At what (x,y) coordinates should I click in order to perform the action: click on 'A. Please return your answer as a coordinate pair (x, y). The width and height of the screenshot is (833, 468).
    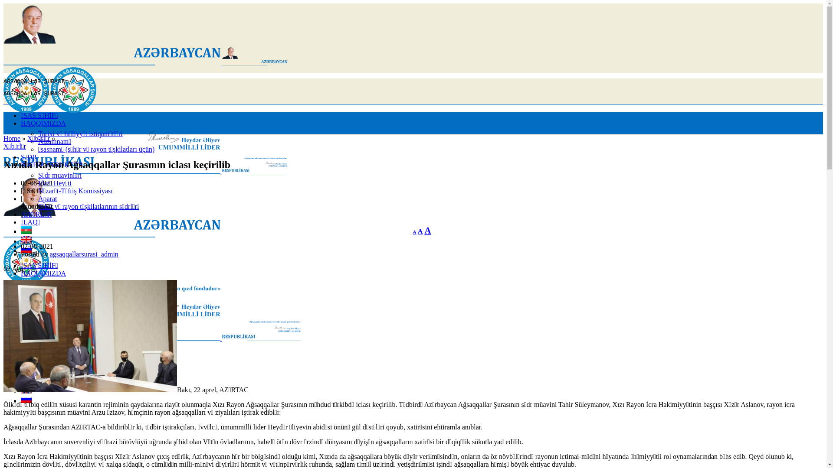
    Looking at the image, I should click on (424, 230).